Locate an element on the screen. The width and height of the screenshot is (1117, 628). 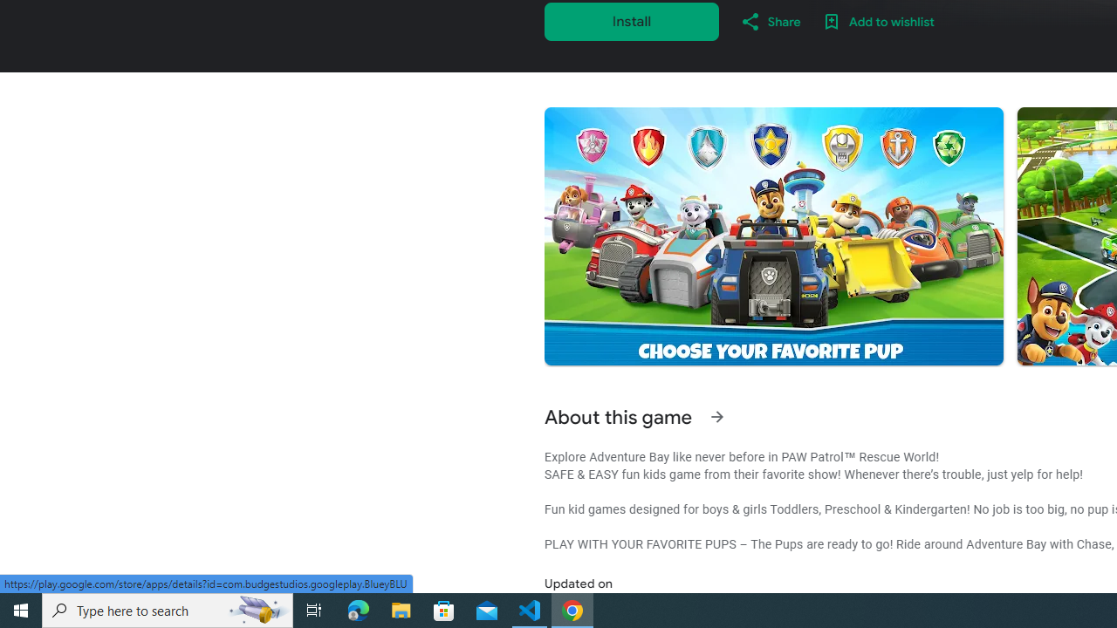
'Share' is located at coordinates (768, 21).